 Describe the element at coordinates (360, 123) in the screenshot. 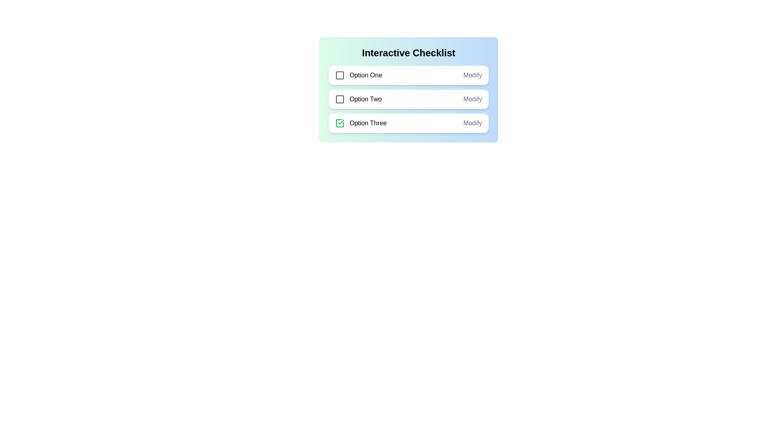

I see `the text of the list item Option Three` at that location.